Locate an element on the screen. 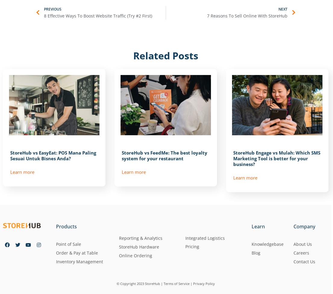 The width and height of the screenshot is (333, 294). '8 Effective Ways To Boost Website Traffic (Try #2 First)' is located at coordinates (98, 16).